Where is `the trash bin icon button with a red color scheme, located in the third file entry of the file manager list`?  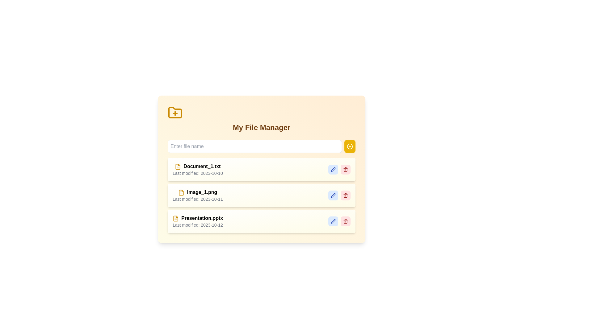 the trash bin icon button with a red color scheme, located in the third file entry of the file manager list is located at coordinates (345, 170).